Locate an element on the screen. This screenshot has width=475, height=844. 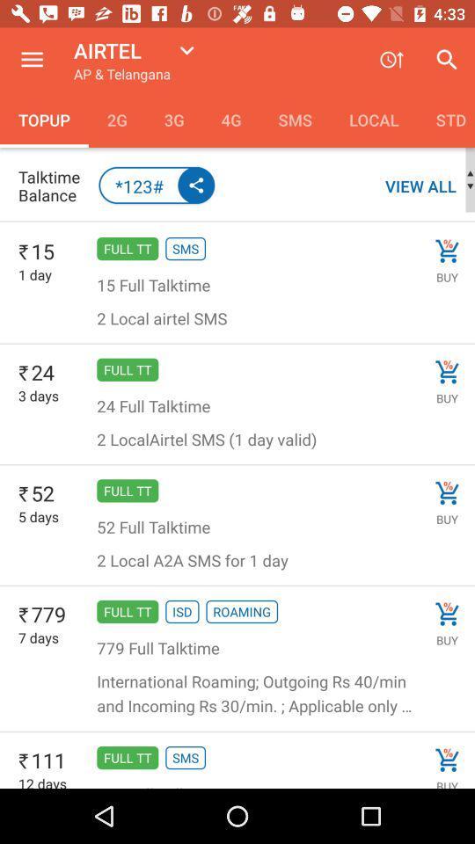
the icon above the topup icon is located at coordinates (32, 60).